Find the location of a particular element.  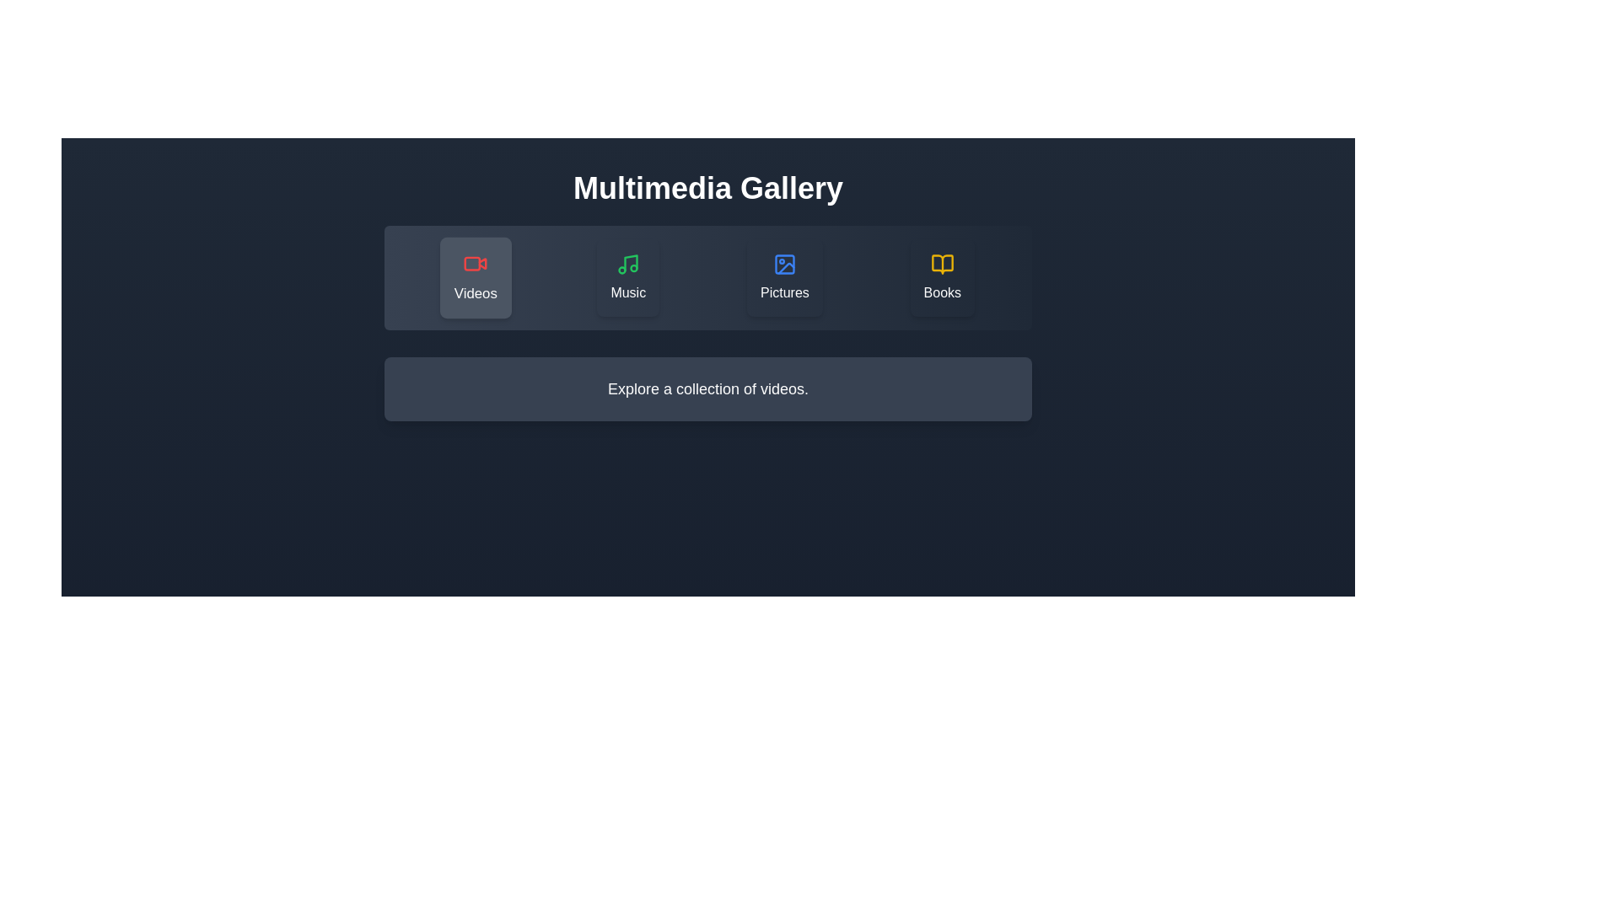

the Music category by clicking the corresponding button is located at coordinates (627, 277).